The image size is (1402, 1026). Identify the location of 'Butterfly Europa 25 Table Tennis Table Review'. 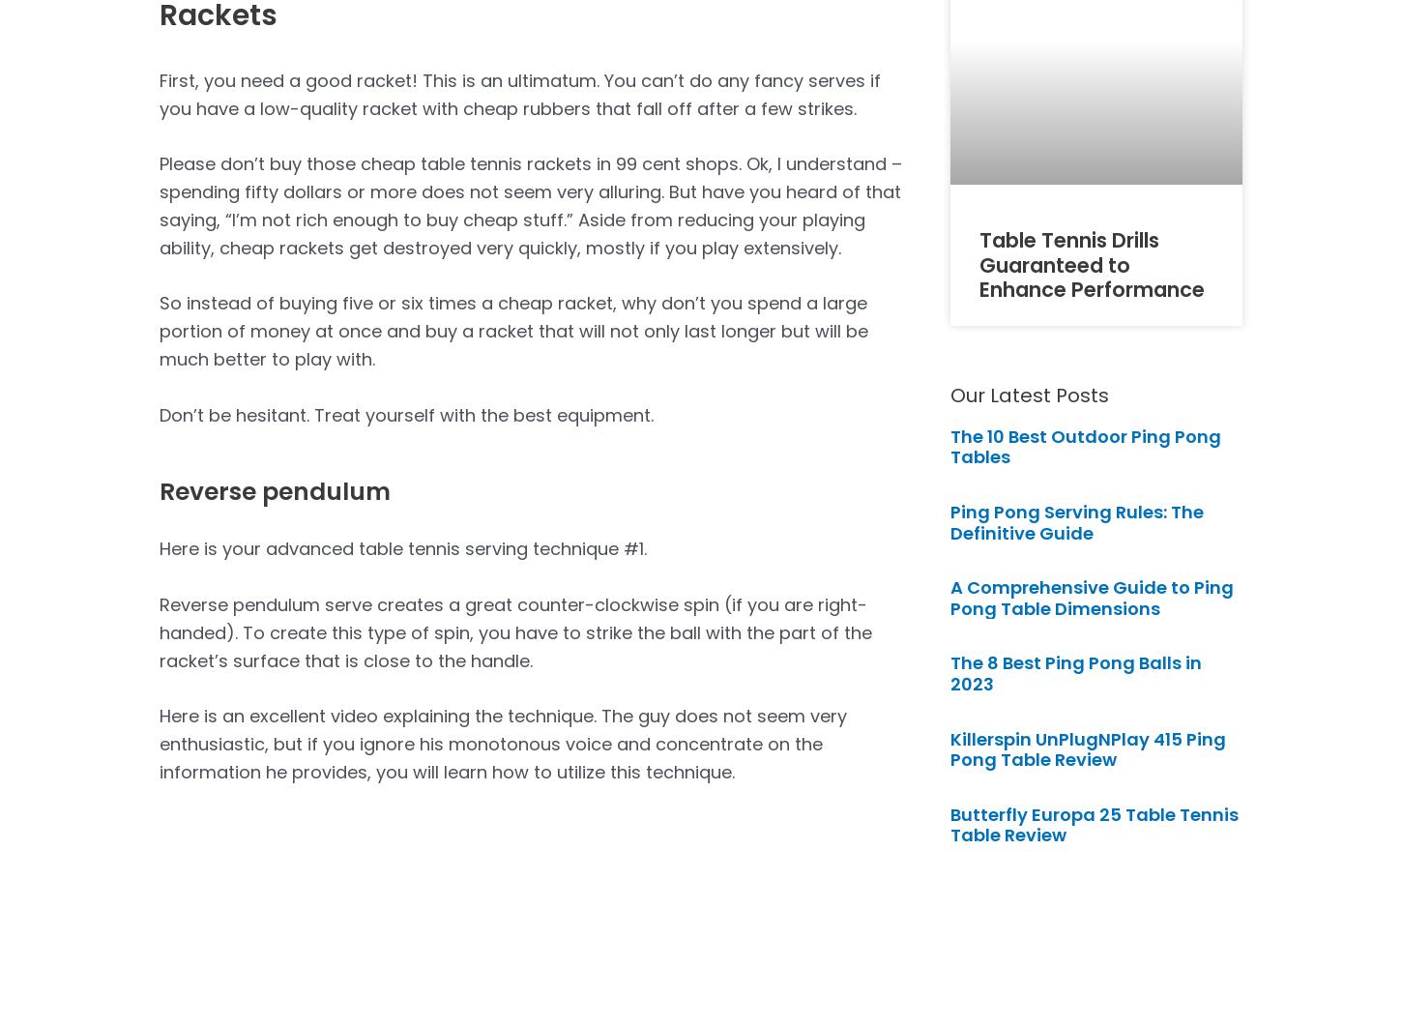
(1094, 824).